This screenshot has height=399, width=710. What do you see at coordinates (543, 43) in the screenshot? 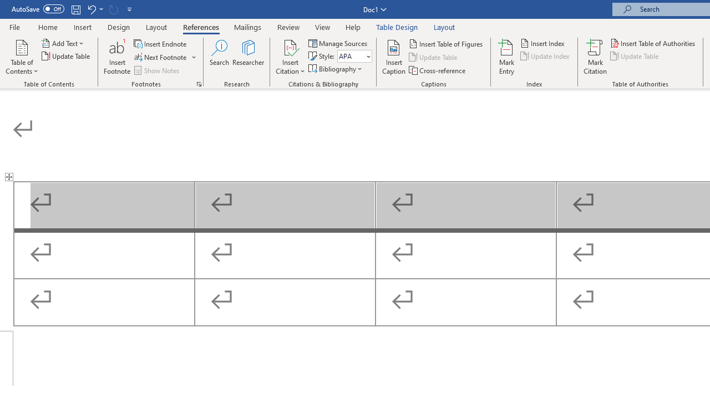
I see `'Insert Index...'` at bounding box center [543, 43].